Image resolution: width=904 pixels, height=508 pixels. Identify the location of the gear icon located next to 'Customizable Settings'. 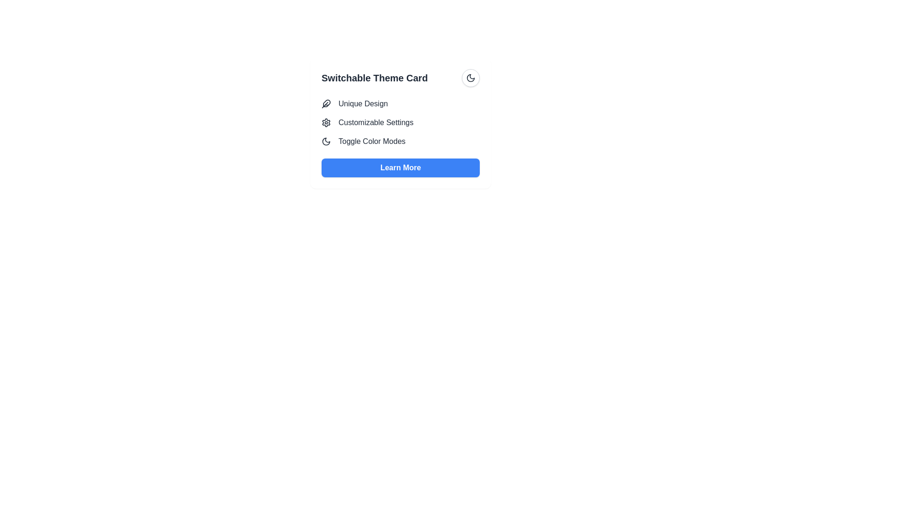
(326, 122).